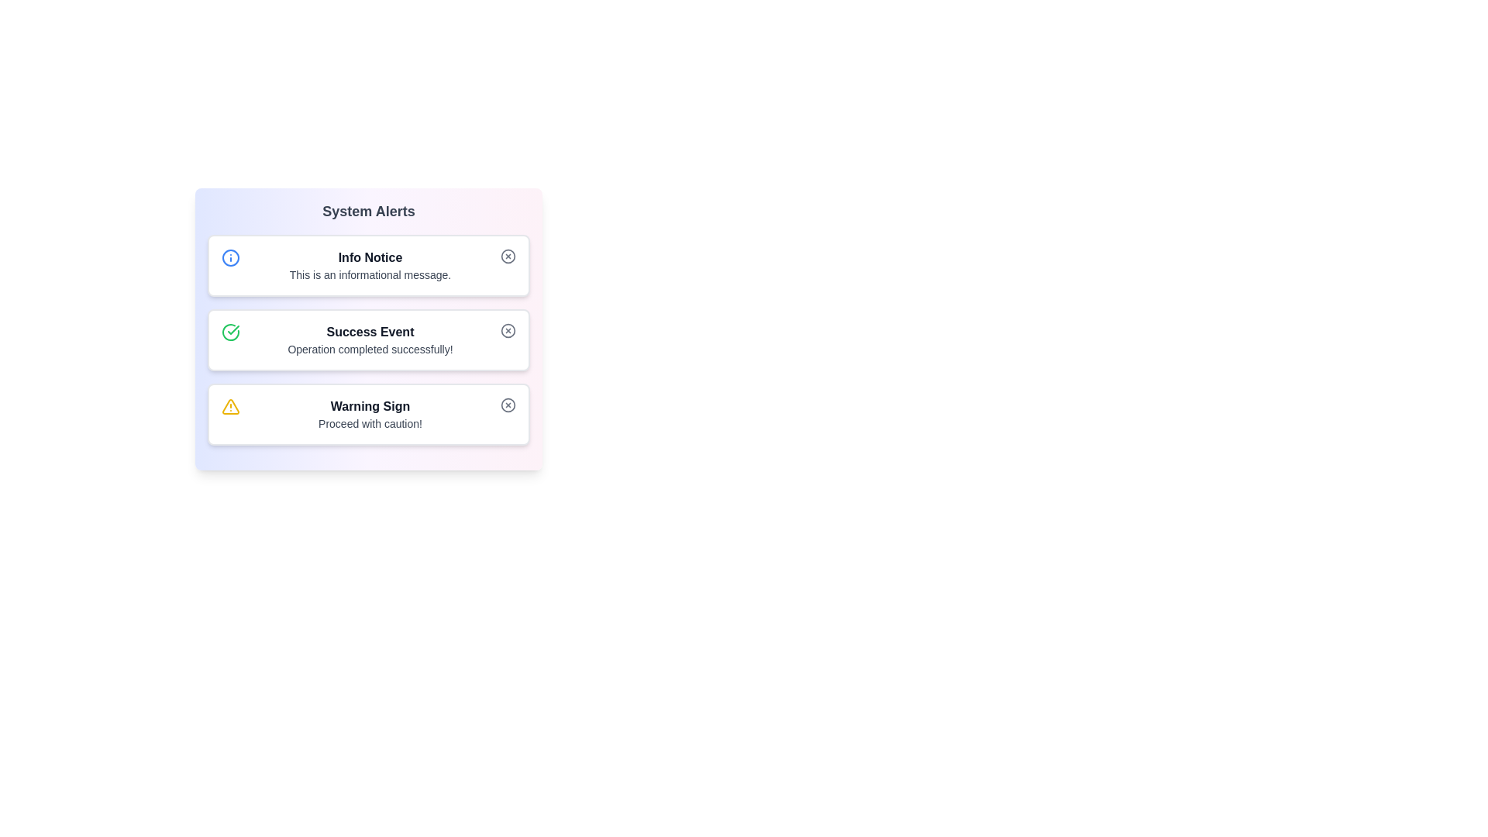 The width and height of the screenshot is (1488, 837). Describe the element at coordinates (229, 405) in the screenshot. I see `the alert icon of type warning` at that location.